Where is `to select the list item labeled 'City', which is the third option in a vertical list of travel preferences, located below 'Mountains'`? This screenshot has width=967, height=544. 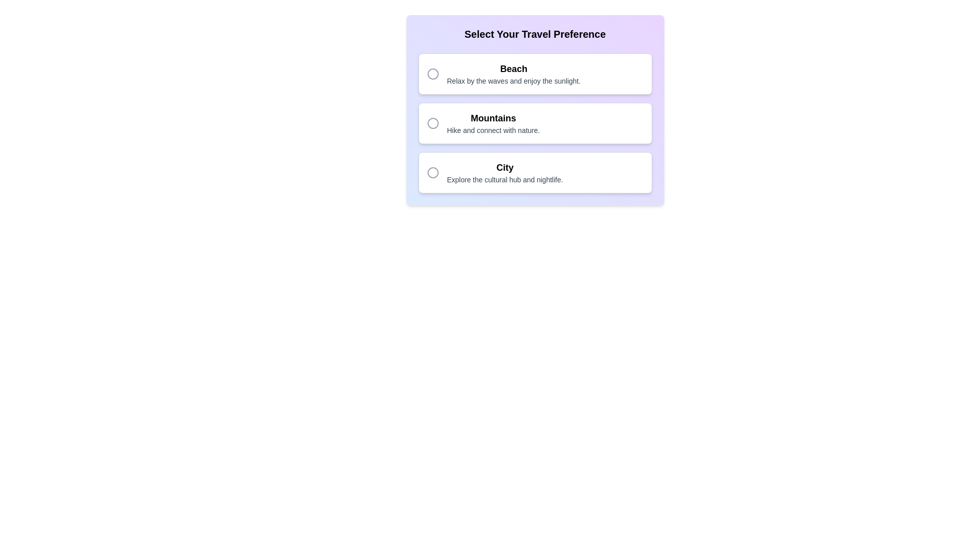 to select the list item labeled 'City', which is the third option in a vertical list of travel preferences, located below 'Mountains' is located at coordinates (505, 172).